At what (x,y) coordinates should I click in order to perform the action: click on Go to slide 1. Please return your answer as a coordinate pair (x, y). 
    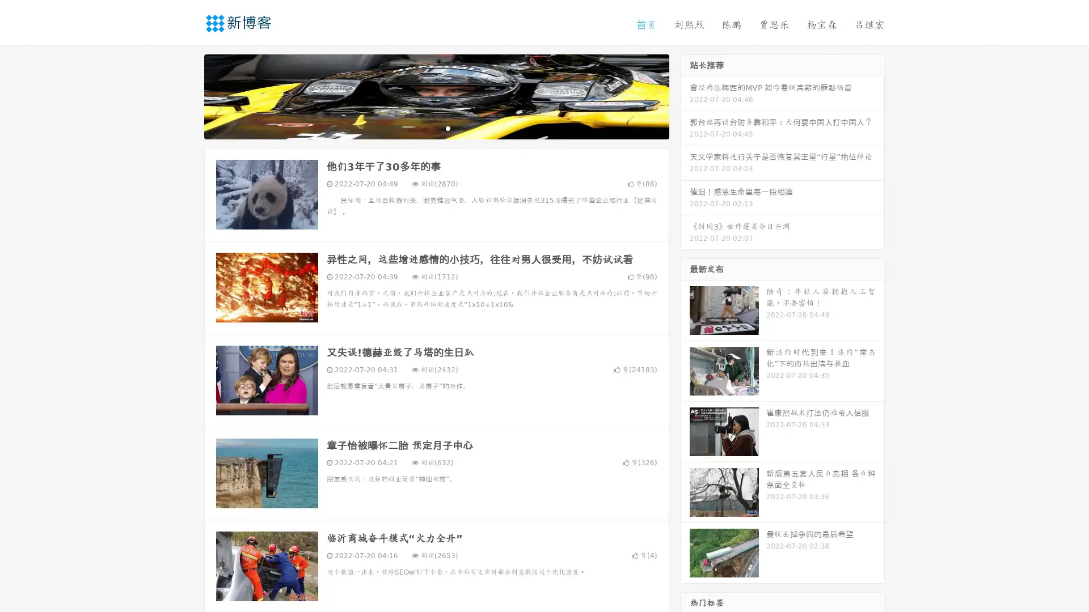
    Looking at the image, I should click on (424, 127).